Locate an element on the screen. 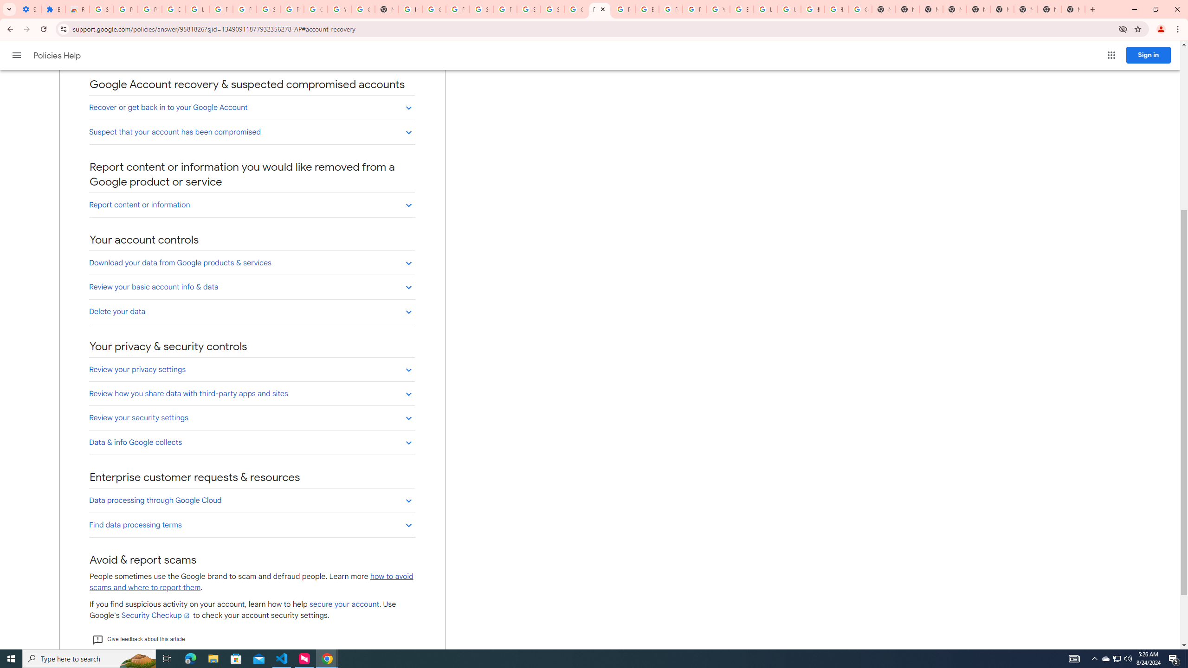  'Main menu' is located at coordinates (16, 55).